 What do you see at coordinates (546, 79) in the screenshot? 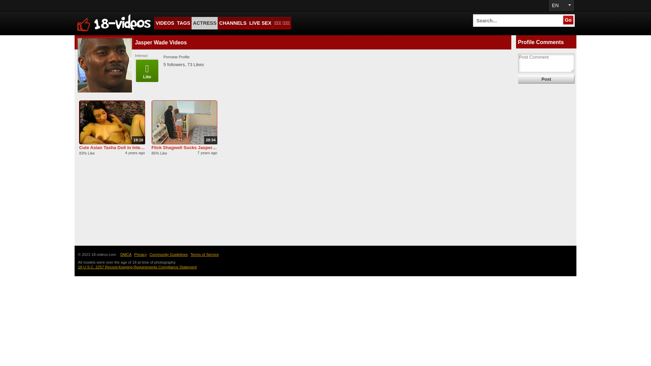
I see `'Post'` at bounding box center [546, 79].